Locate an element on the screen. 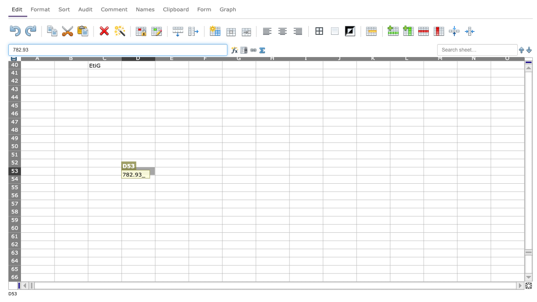  F66 is located at coordinates (205, 277).